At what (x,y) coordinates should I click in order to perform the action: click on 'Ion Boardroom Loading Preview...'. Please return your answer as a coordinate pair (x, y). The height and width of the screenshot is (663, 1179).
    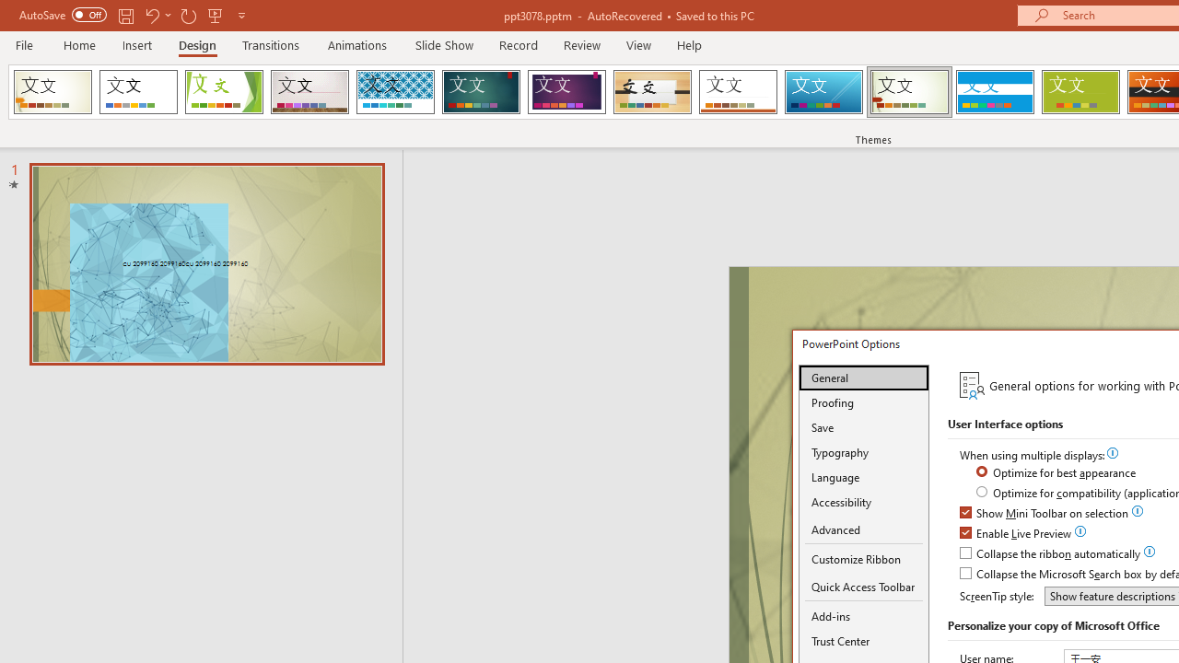
    Looking at the image, I should click on (566, 92).